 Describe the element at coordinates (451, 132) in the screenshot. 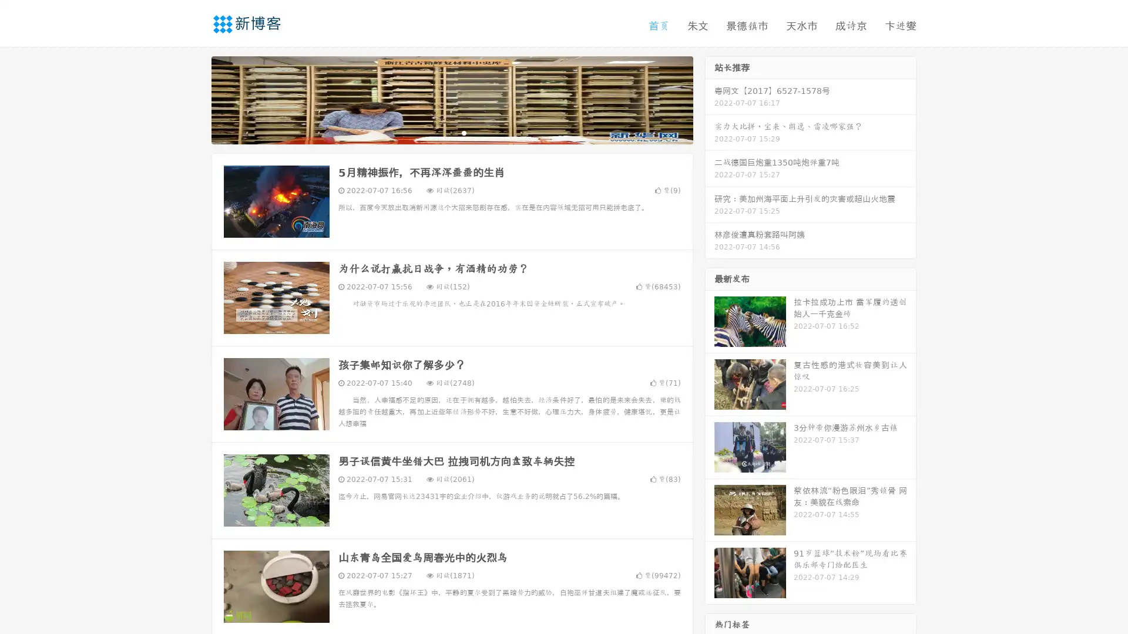

I see `Go to slide 2` at that location.